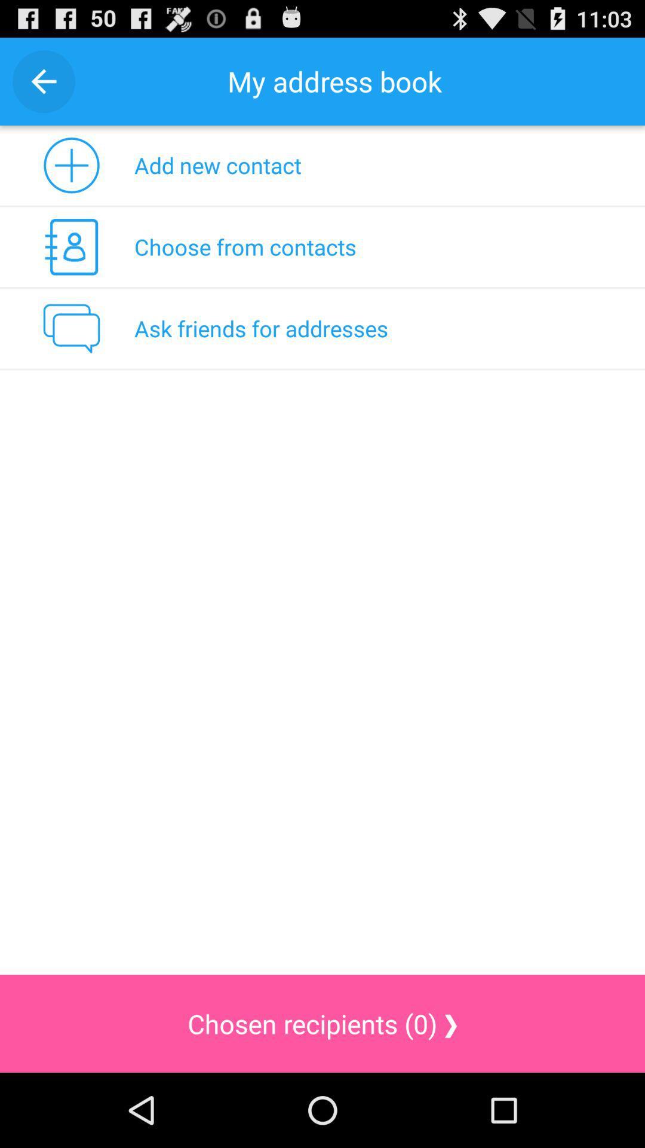  Describe the element at coordinates (43, 81) in the screenshot. I see `go back` at that location.